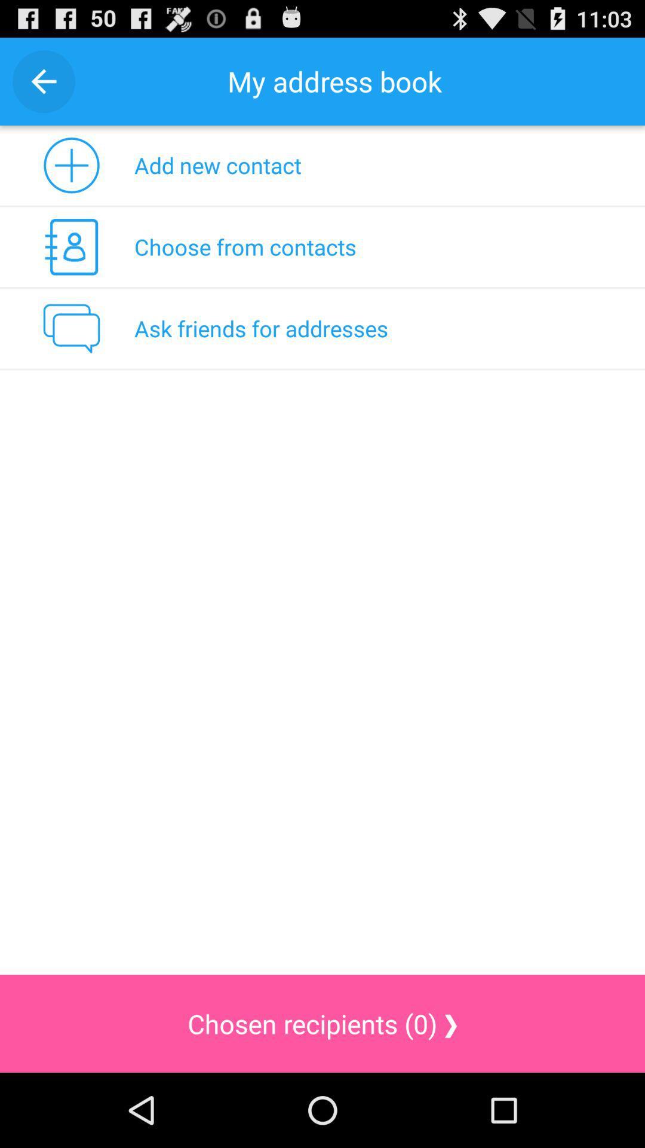  Describe the element at coordinates (43, 81) in the screenshot. I see `go back` at that location.